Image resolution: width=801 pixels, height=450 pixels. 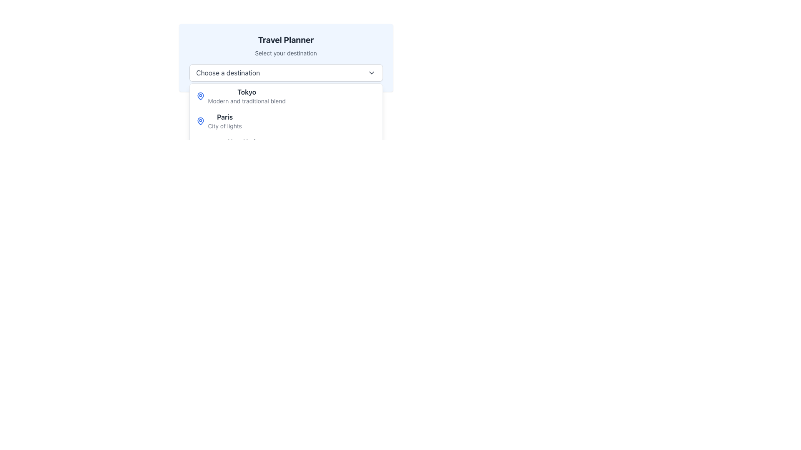 I want to click on the second item in the dropdown list for selecting the destination 'Paris' in the travel planner, so click(x=286, y=121).